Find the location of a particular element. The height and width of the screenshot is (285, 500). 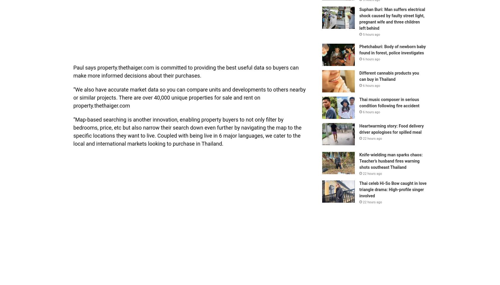

'Knife-wielding man sparks chaos: Teacher’s husband fires warning shots southeast Thailand' is located at coordinates (390, 160).